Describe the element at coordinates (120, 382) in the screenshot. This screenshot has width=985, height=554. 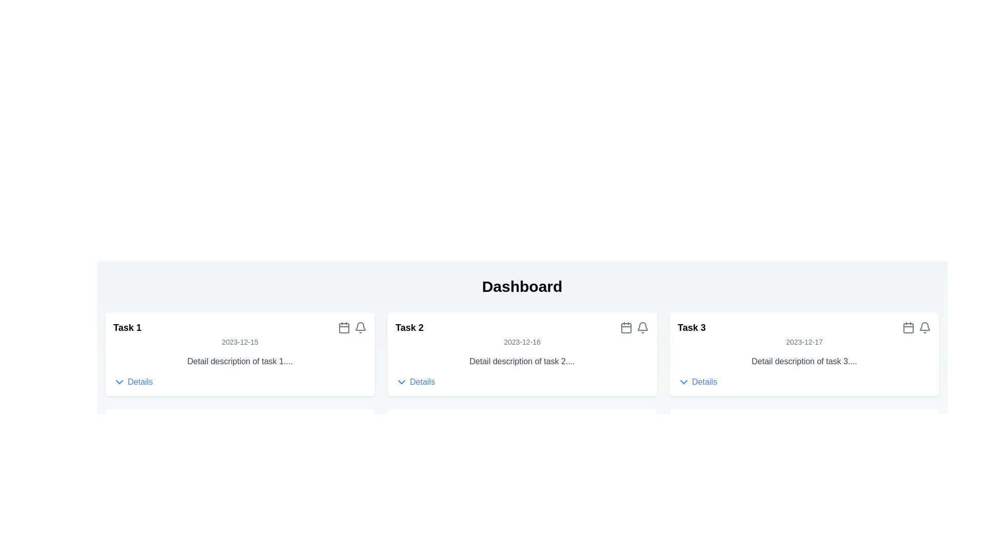
I see `the chevron icon located in the 'Details' section below the 'Task 1' card` at that location.